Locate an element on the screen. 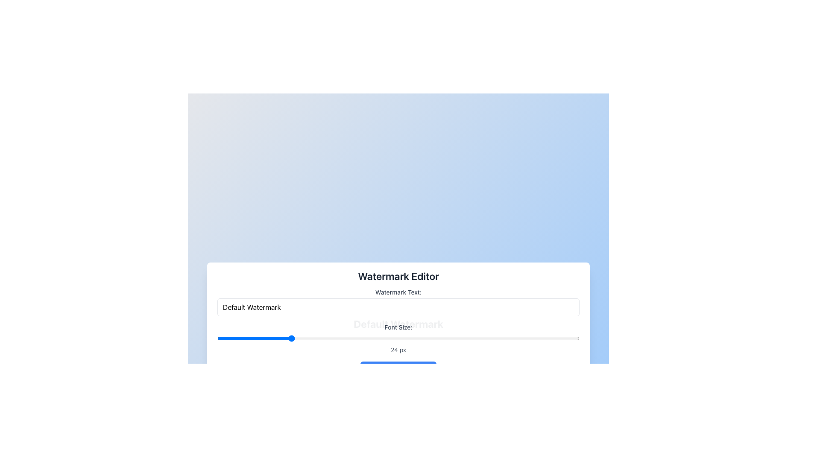 Image resolution: width=820 pixels, height=461 pixels. the font size is located at coordinates (223, 338).